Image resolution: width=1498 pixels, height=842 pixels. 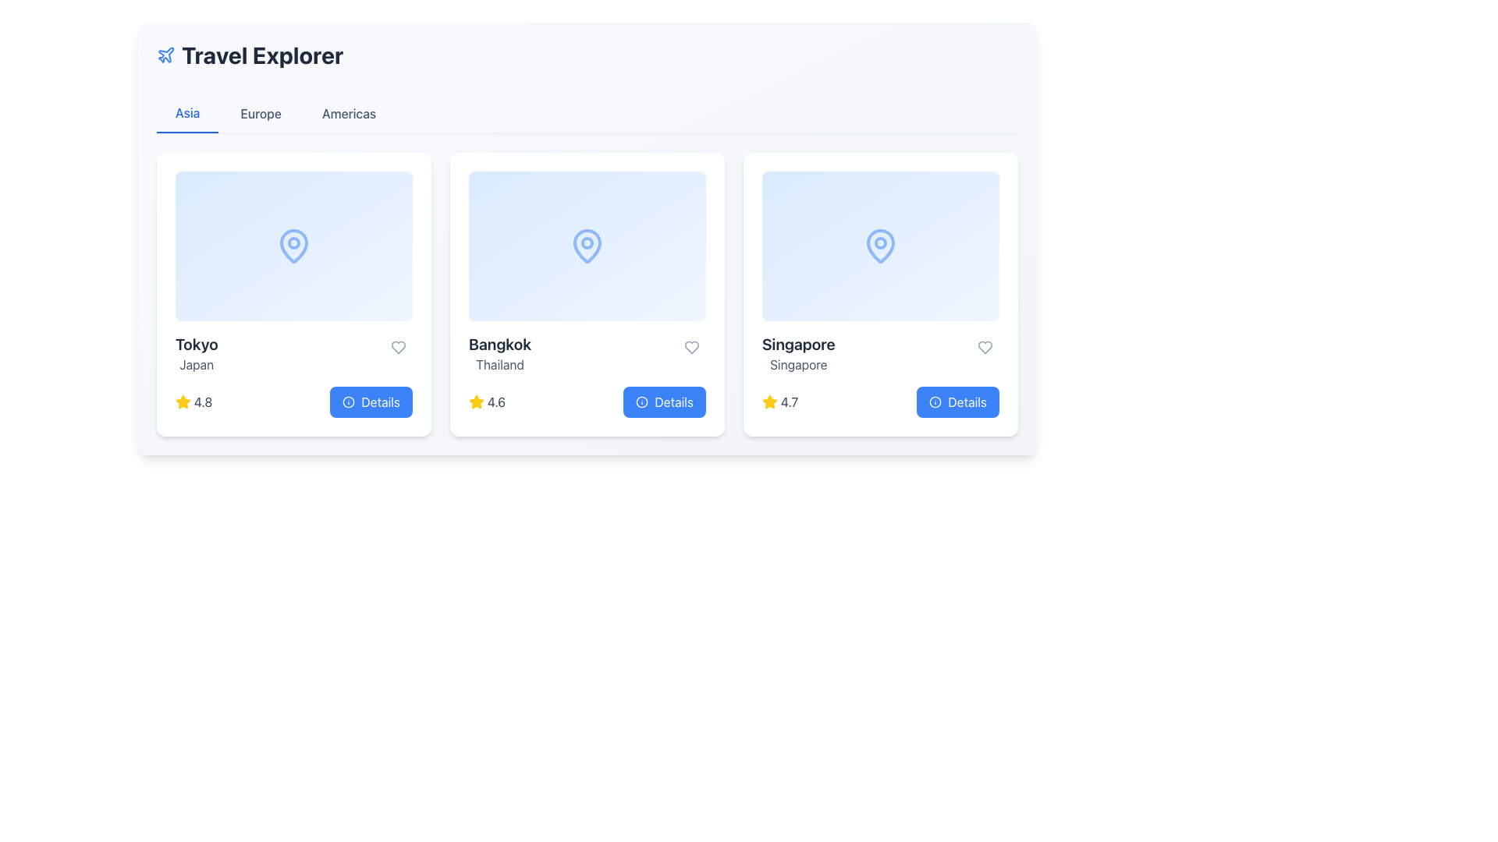 I want to click on the small blue plane icon located to the left of the 'Travel Explorer' text in the primary header area, so click(x=165, y=54).